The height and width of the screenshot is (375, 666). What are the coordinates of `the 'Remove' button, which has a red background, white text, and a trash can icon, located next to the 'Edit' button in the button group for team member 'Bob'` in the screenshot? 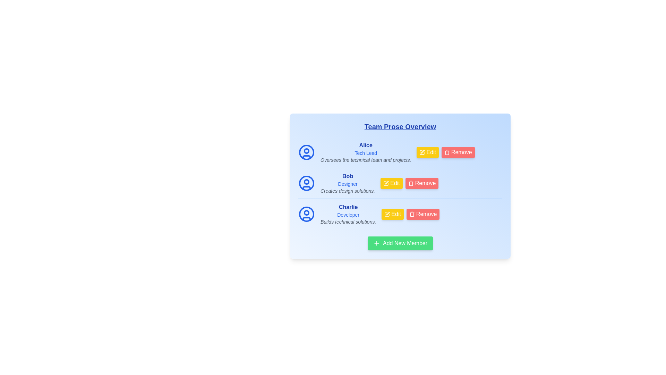 It's located at (421, 183).